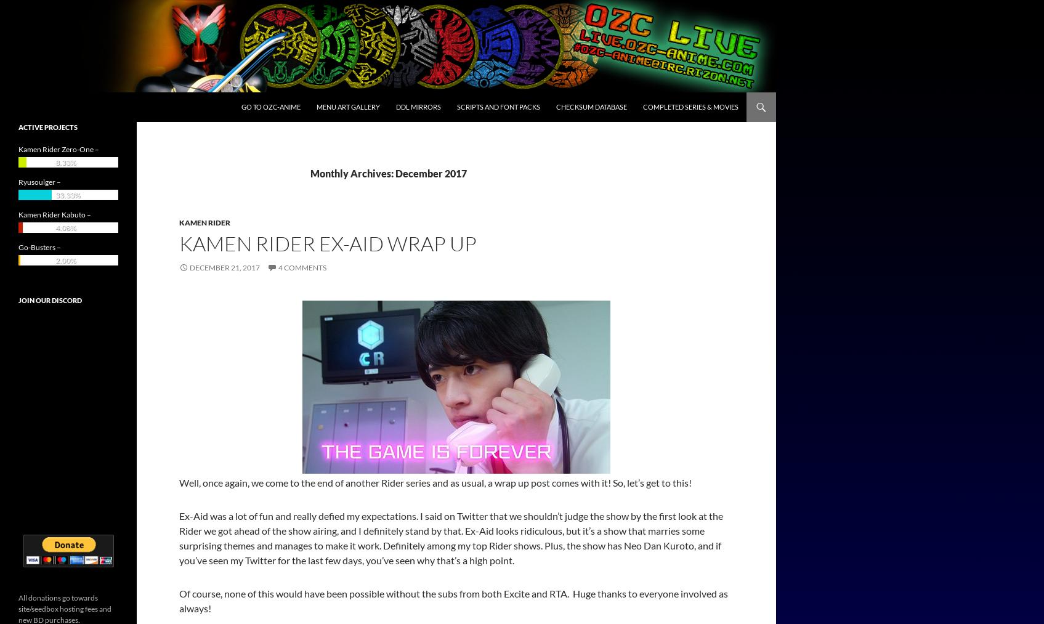 The image size is (1044, 624). Describe the element at coordinates (418, 107) in the screenshot. I see `'DDL Mirrors'` at that location.